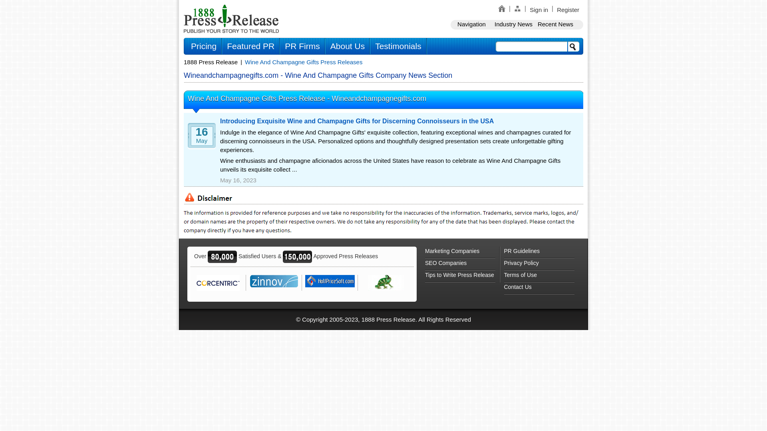  What do you see at coordinates (460, 276) in the screenshot?
I see `'Tips to Write Press Release'` at bounding box center [460, 276].